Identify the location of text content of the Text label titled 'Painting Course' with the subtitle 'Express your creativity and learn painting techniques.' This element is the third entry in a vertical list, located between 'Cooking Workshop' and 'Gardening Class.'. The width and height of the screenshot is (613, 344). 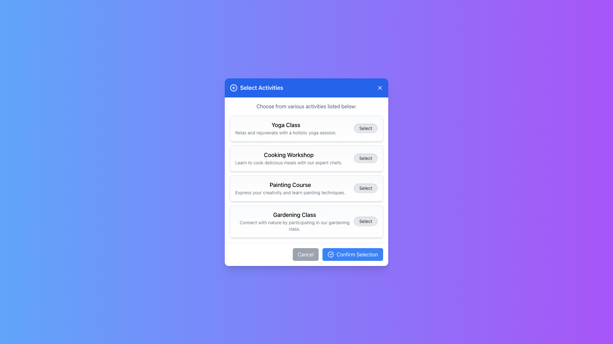
(290, 188).